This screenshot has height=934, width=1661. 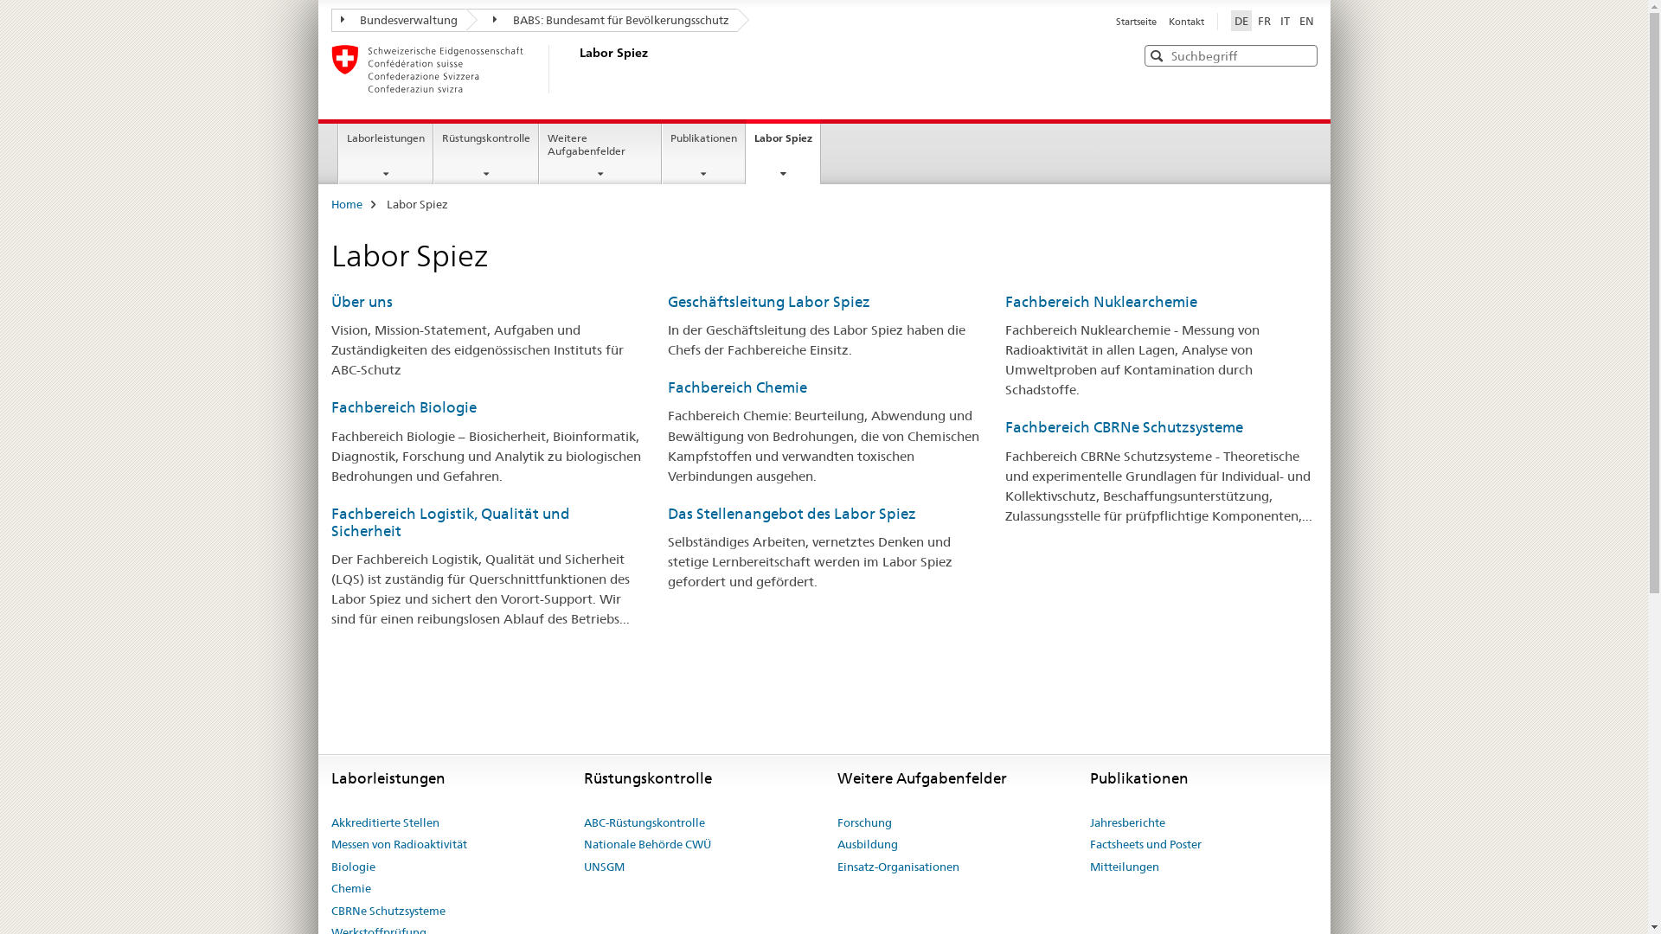 What do you see at coordinates (401, 406) in the screenshot?
I see `'Fachbereich Biologie'` at bounding box center [401, 406].